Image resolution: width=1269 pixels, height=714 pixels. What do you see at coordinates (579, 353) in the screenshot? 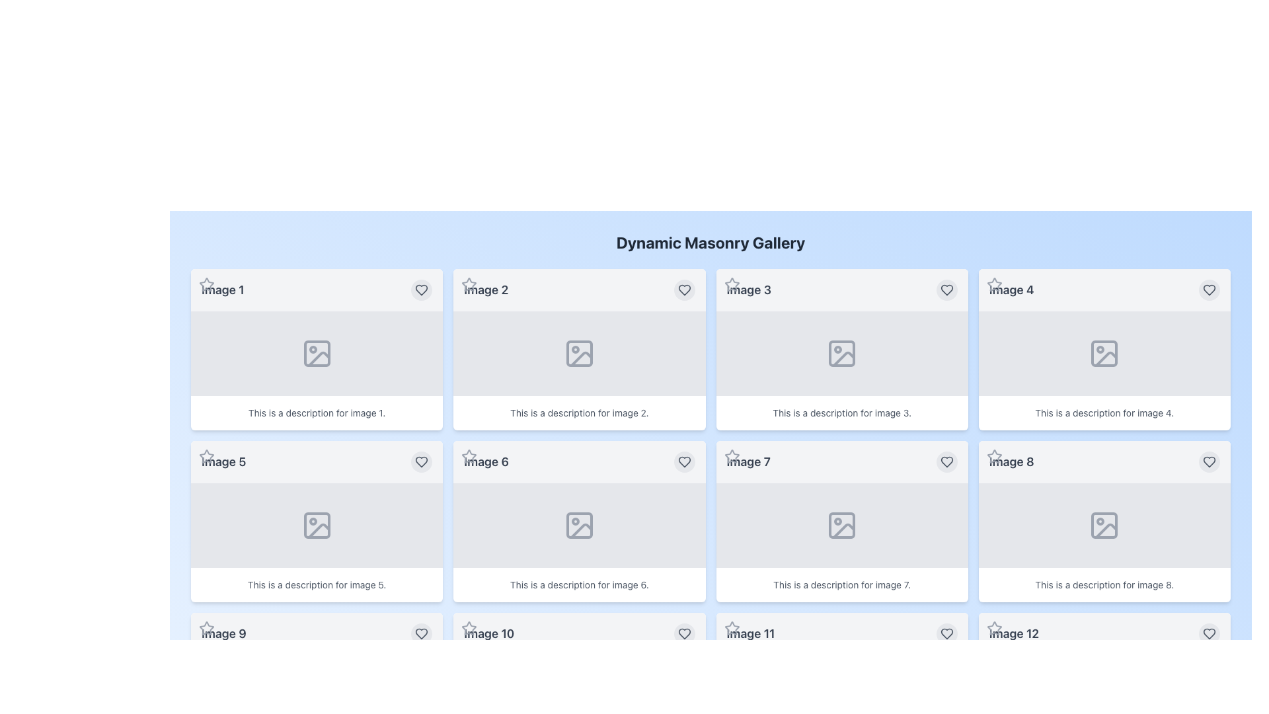
I see `the image placeholder icon located centrally within the card labeled 'Image 2' in the top row of the three-by-four grid for further functionality` at bounding box center [579, 353].